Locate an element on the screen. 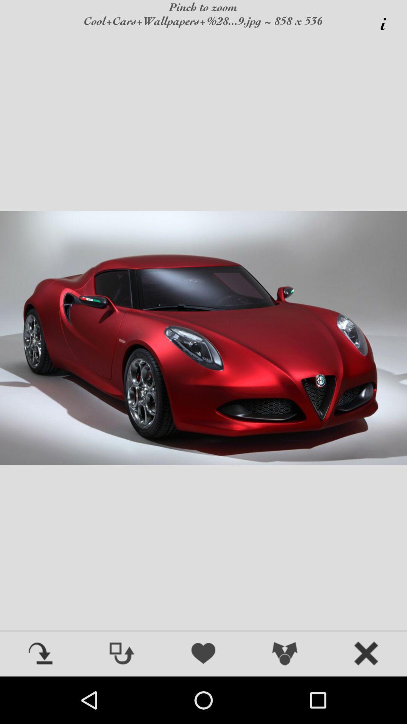 This screenshot has height=724, width=407. share is located at coordinates (285, 654).